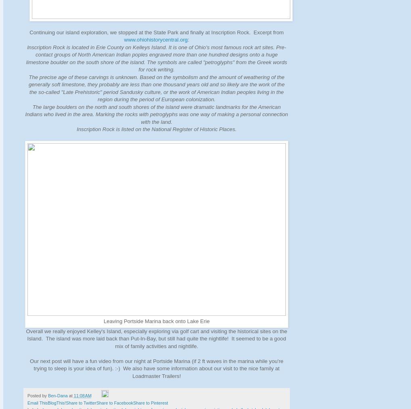 This screenshot has height=409, width=411. I want to click on 'The large boulders on the north and south shores of the island were 
dramatic landmarks for the American Indians who lived in the area. 
Marking the rocks with petroglyphs was one way of making a personal 
connection with the land.', so click(156, 114).